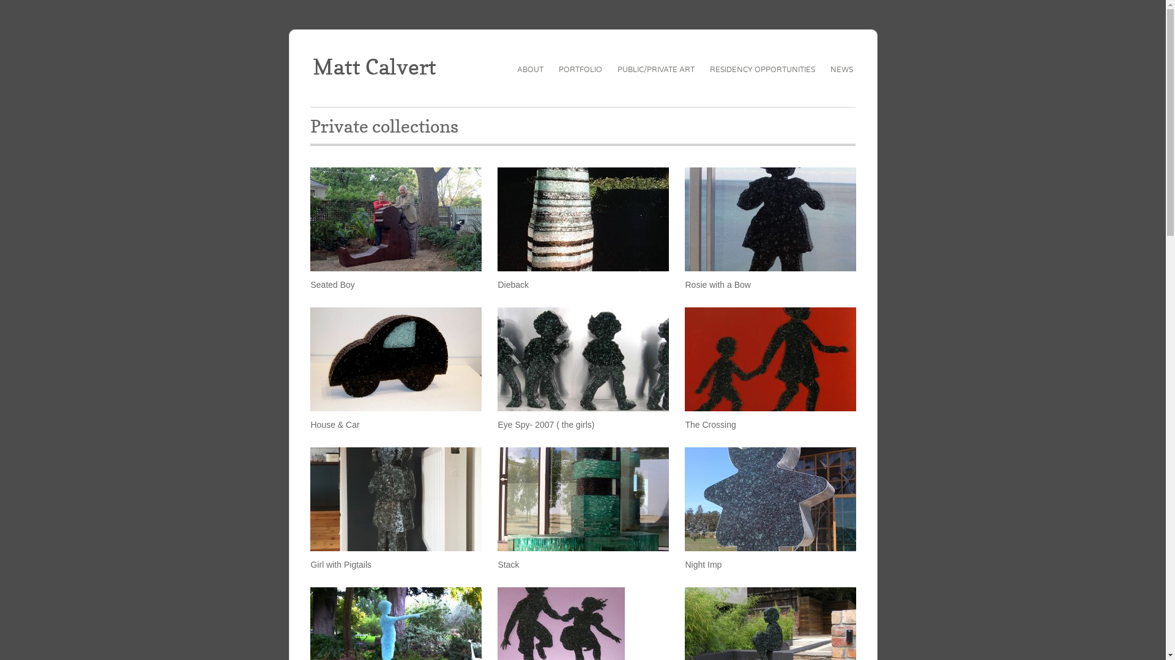 The width and height of the screenshot is (1175, 660). Describe the element at coordinates (583, 358) in the screenshot. I see `'Eye Spy- 2007 ( the girls)'` at that location.